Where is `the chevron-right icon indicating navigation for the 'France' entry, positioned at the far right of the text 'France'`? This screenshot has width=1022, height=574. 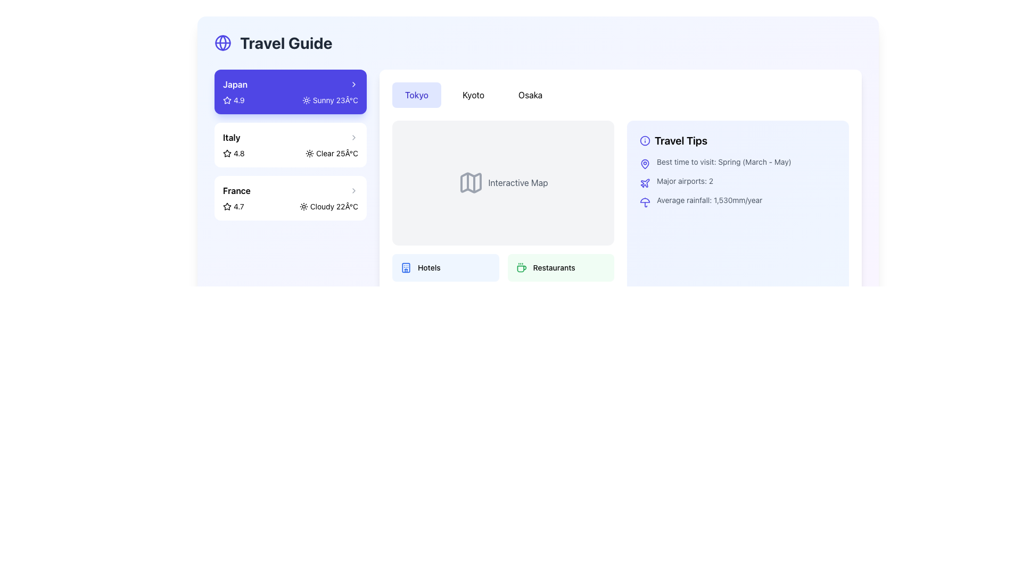
the chevron-right icon indicating navigation for the 'France' entry, positioned at the far right of the text 'France' is located at coordinates (354, 190).